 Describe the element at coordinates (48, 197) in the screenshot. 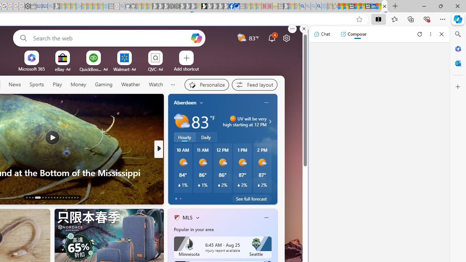

I see `'AutomationID: tab-19'` at that location.